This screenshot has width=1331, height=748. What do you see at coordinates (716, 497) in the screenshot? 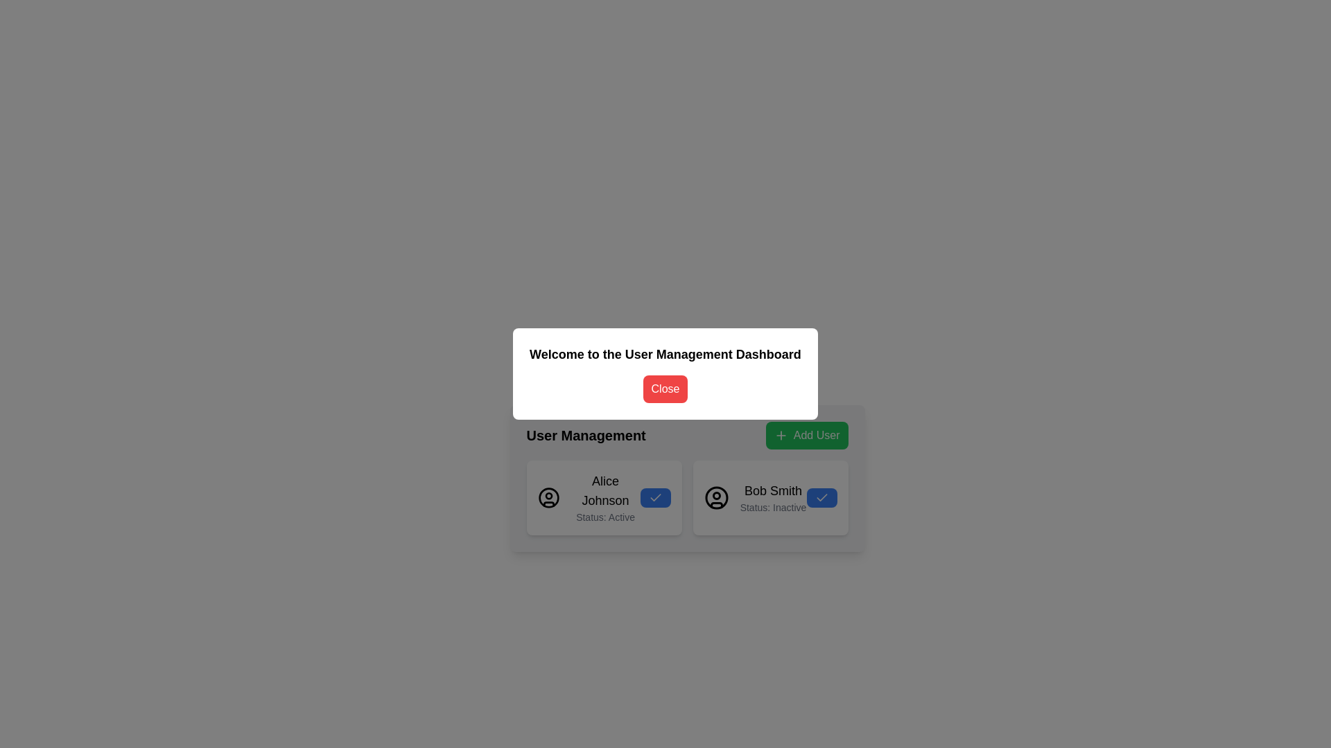
I see `the user profile icon representing 'Bob Smith', located inside the card labeled 'Bob Smith Status: Inactive', positioned to the left of the text in the User Management section` at bounding box center [716, 497].